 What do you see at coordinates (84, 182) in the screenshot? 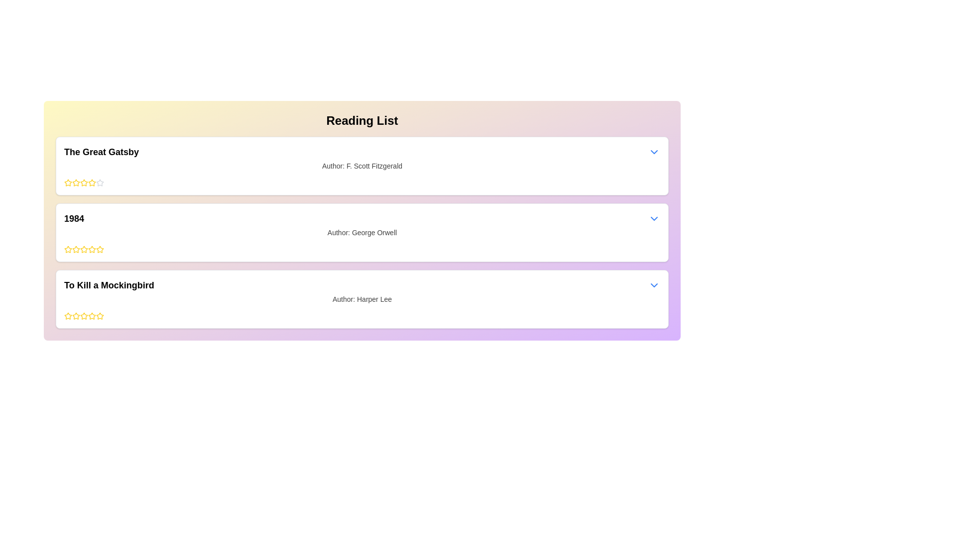
I see `the second yellow star icon in the rating system for 'The Great Gatsby'` at bounding box center [84, 182].